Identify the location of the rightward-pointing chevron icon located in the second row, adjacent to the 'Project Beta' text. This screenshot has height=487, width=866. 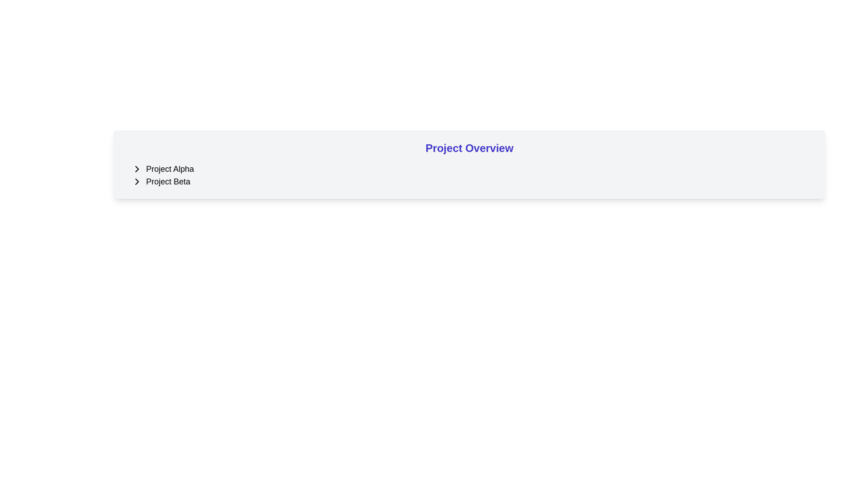
(136, 181).